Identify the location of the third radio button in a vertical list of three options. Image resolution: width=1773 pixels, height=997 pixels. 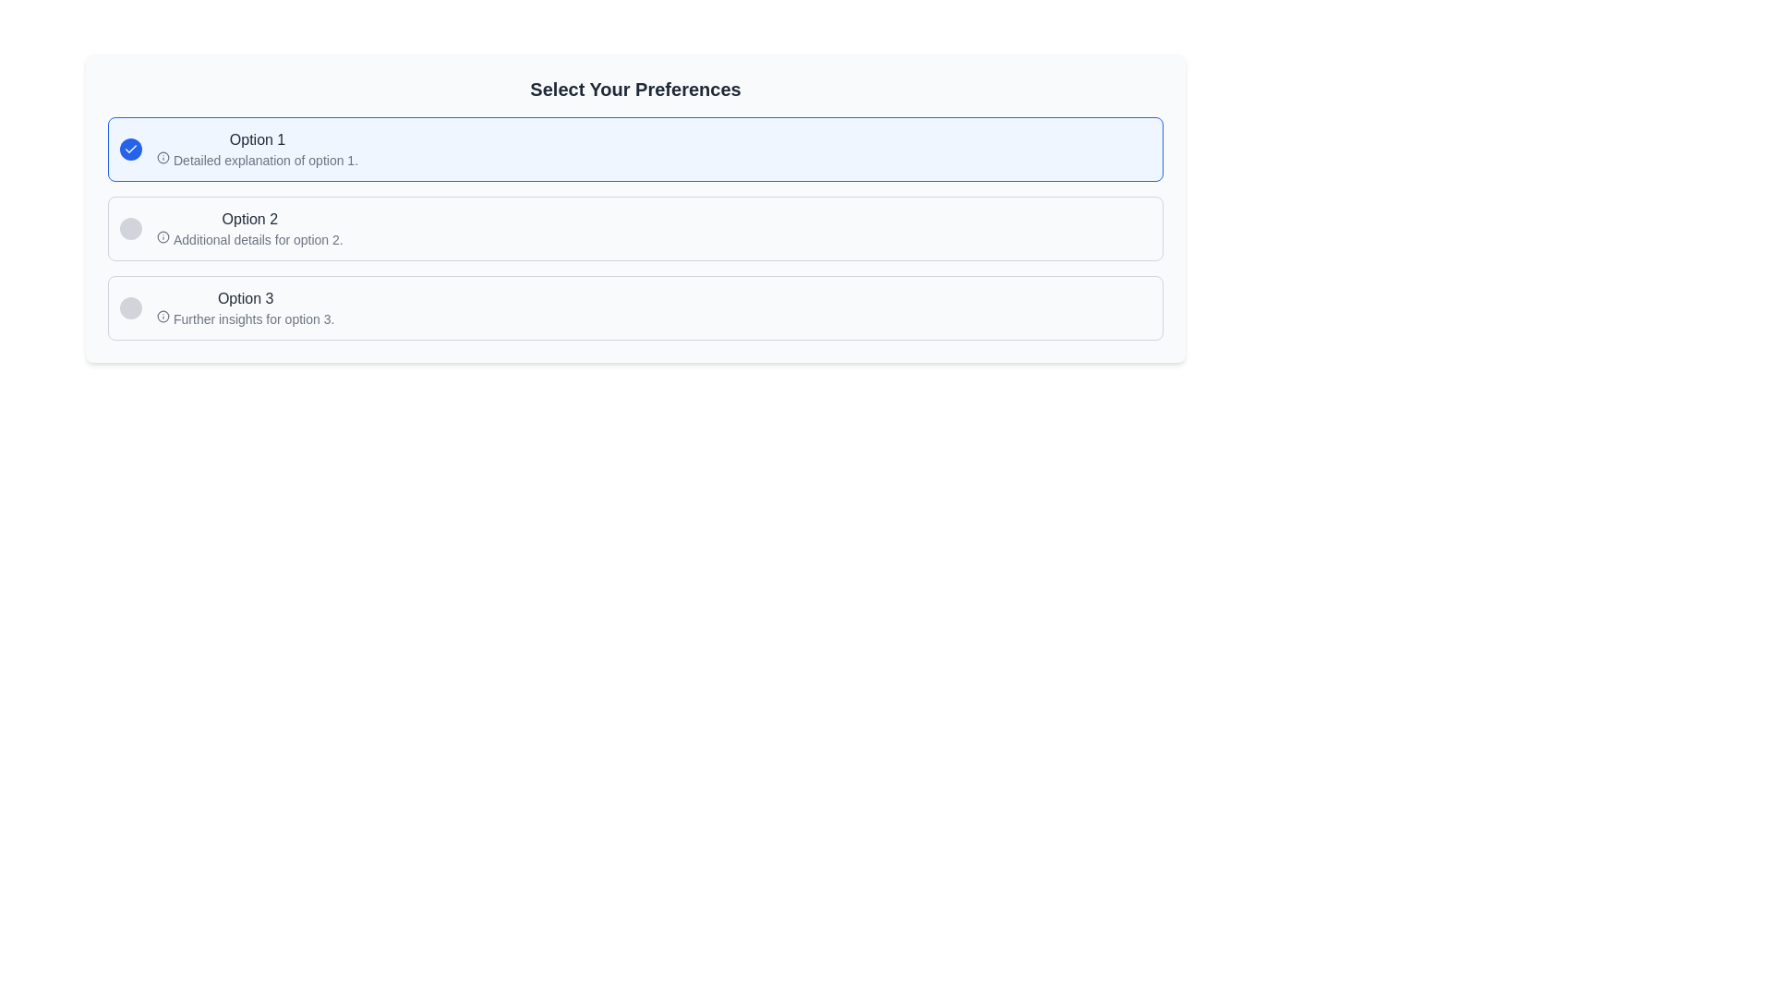
(635, 307).